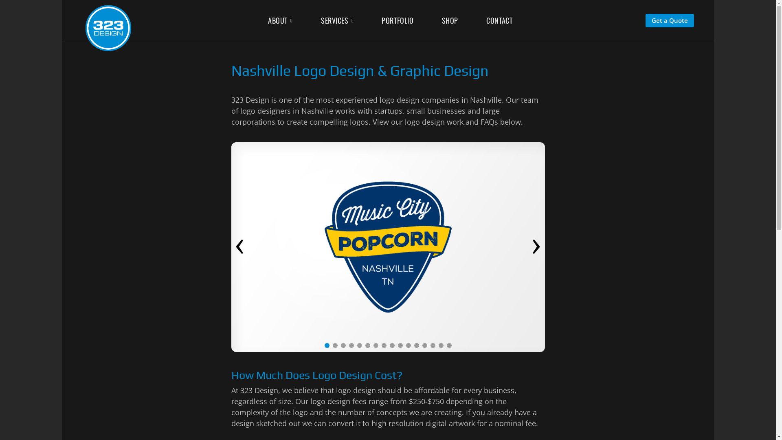 The height and width of the screenshot is (440, 782). I want to click on '12', so click(414, 345).